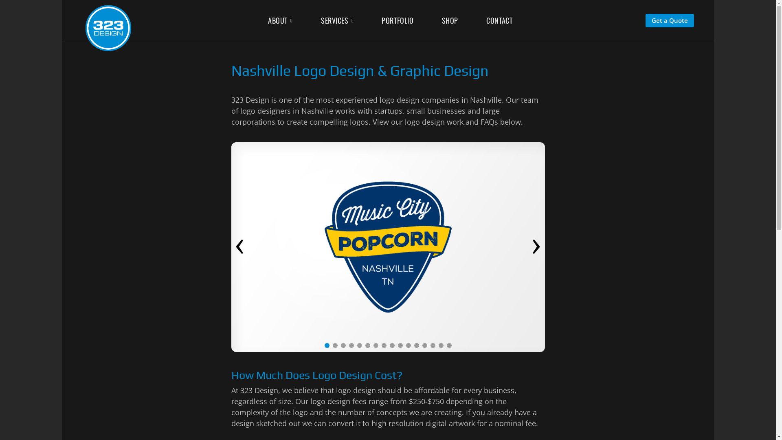 The height and width of the screenshot is (440, 782). I want to click on '12', so click(414, 345).